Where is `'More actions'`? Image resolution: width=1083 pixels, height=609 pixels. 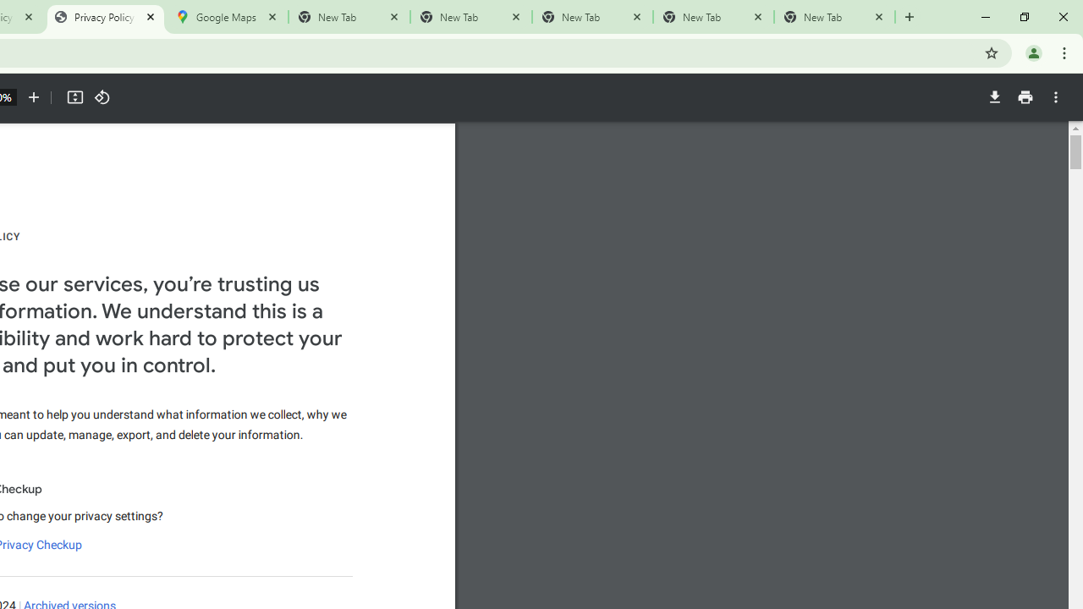
'More actions' is located at coordinates (1055, 97).